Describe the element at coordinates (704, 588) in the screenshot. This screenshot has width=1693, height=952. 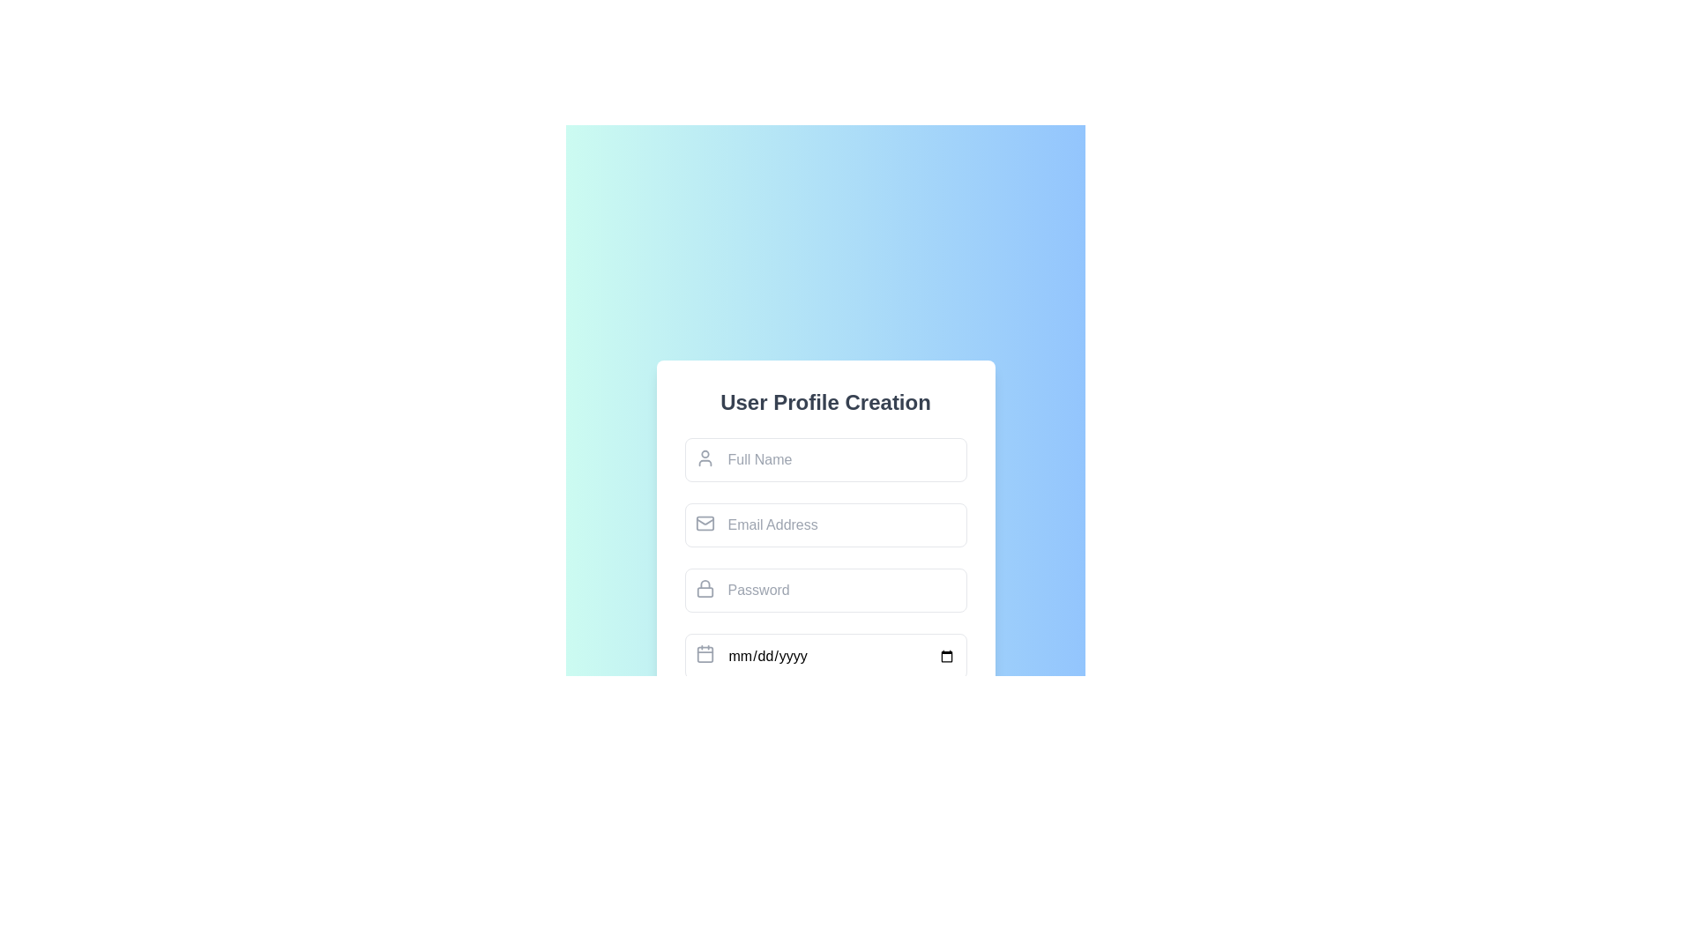
I see `the lock icon SVG element located on the left side of the password input field` at that location.